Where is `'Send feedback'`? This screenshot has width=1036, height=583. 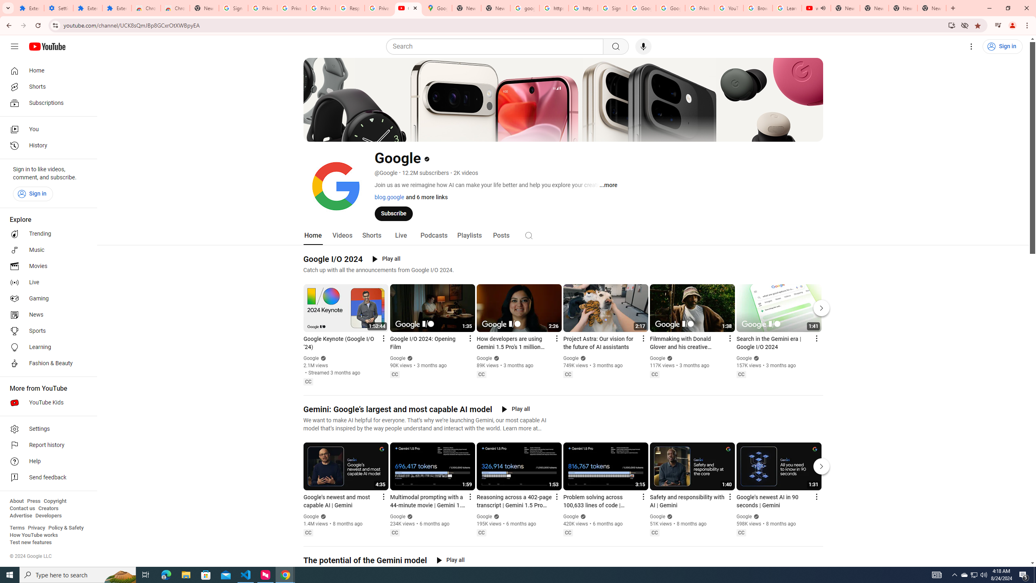 'Send feedback' is located at coordinates (46, 477).